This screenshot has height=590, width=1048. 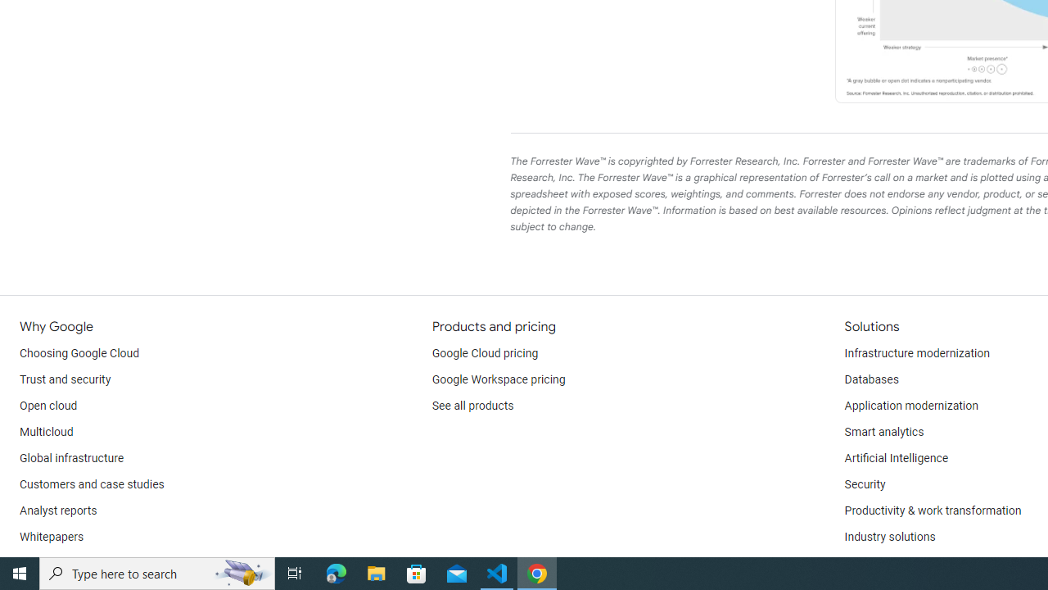 What do you see at coordinates (79, 353) in the screenshot?
I see `'Choosing Google Cloud'` at bounding box center [79, 353].